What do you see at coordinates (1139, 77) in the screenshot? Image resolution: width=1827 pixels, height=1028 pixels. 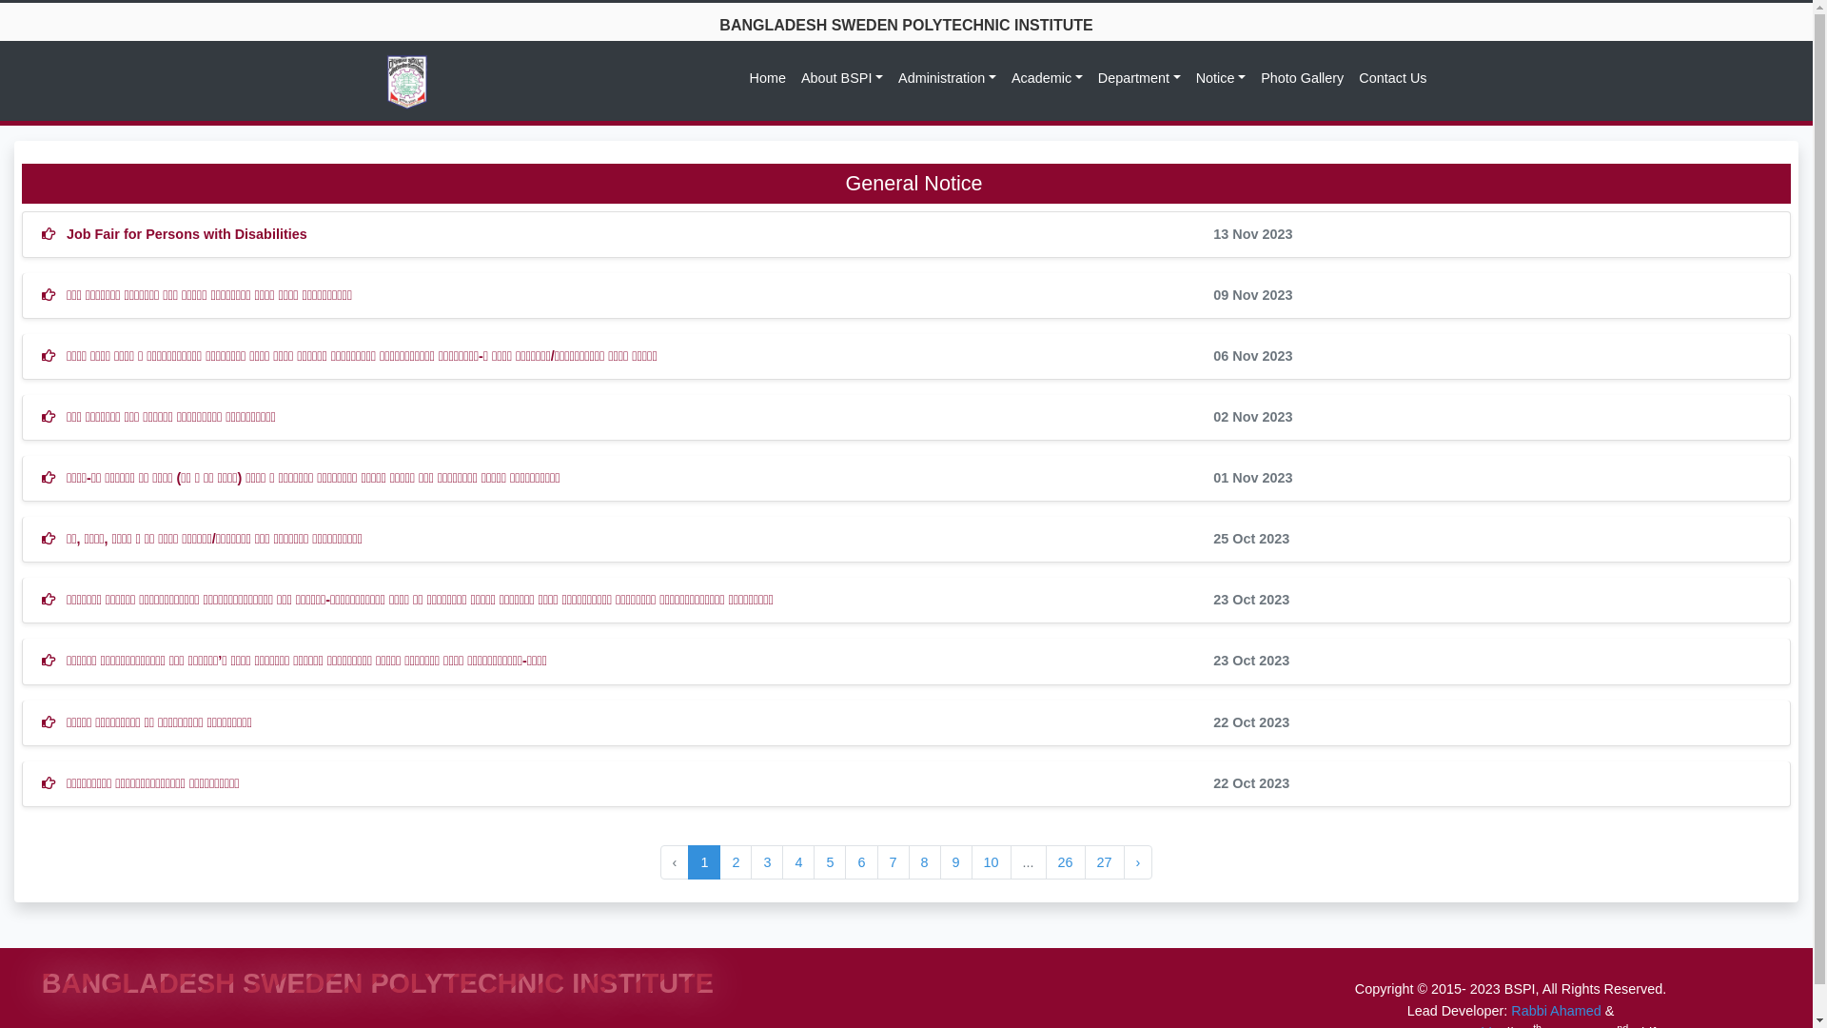 I see `'Department'` at bounding box center [1139, 77].